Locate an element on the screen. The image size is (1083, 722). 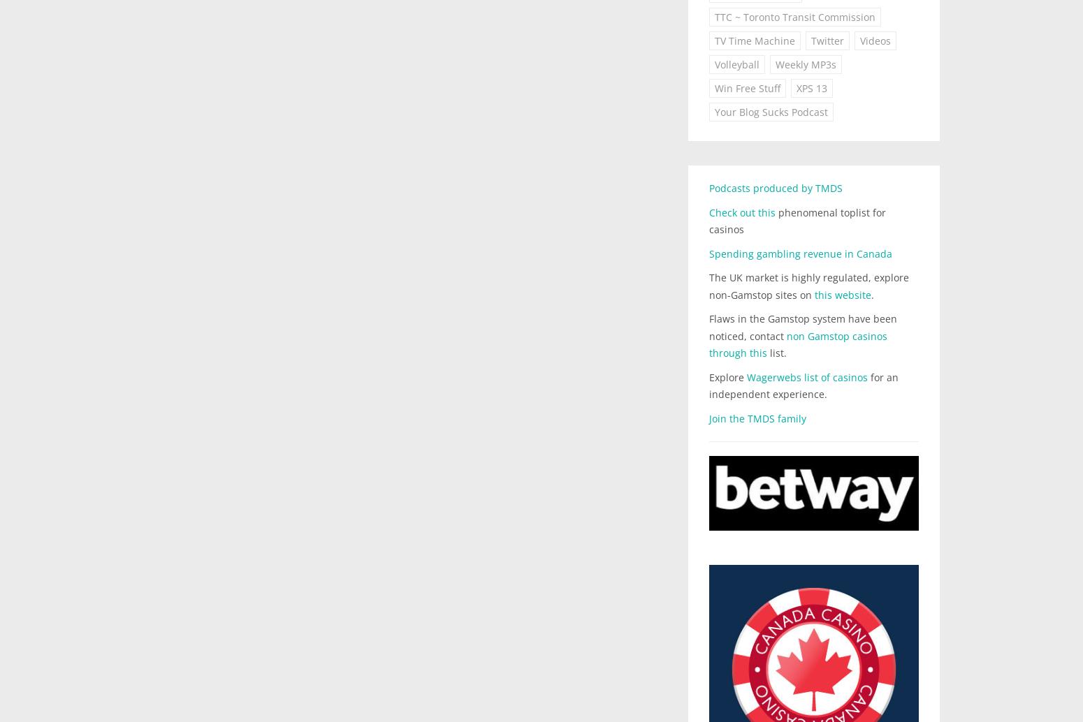
'Twitter' is located at coordinates (810, 40).